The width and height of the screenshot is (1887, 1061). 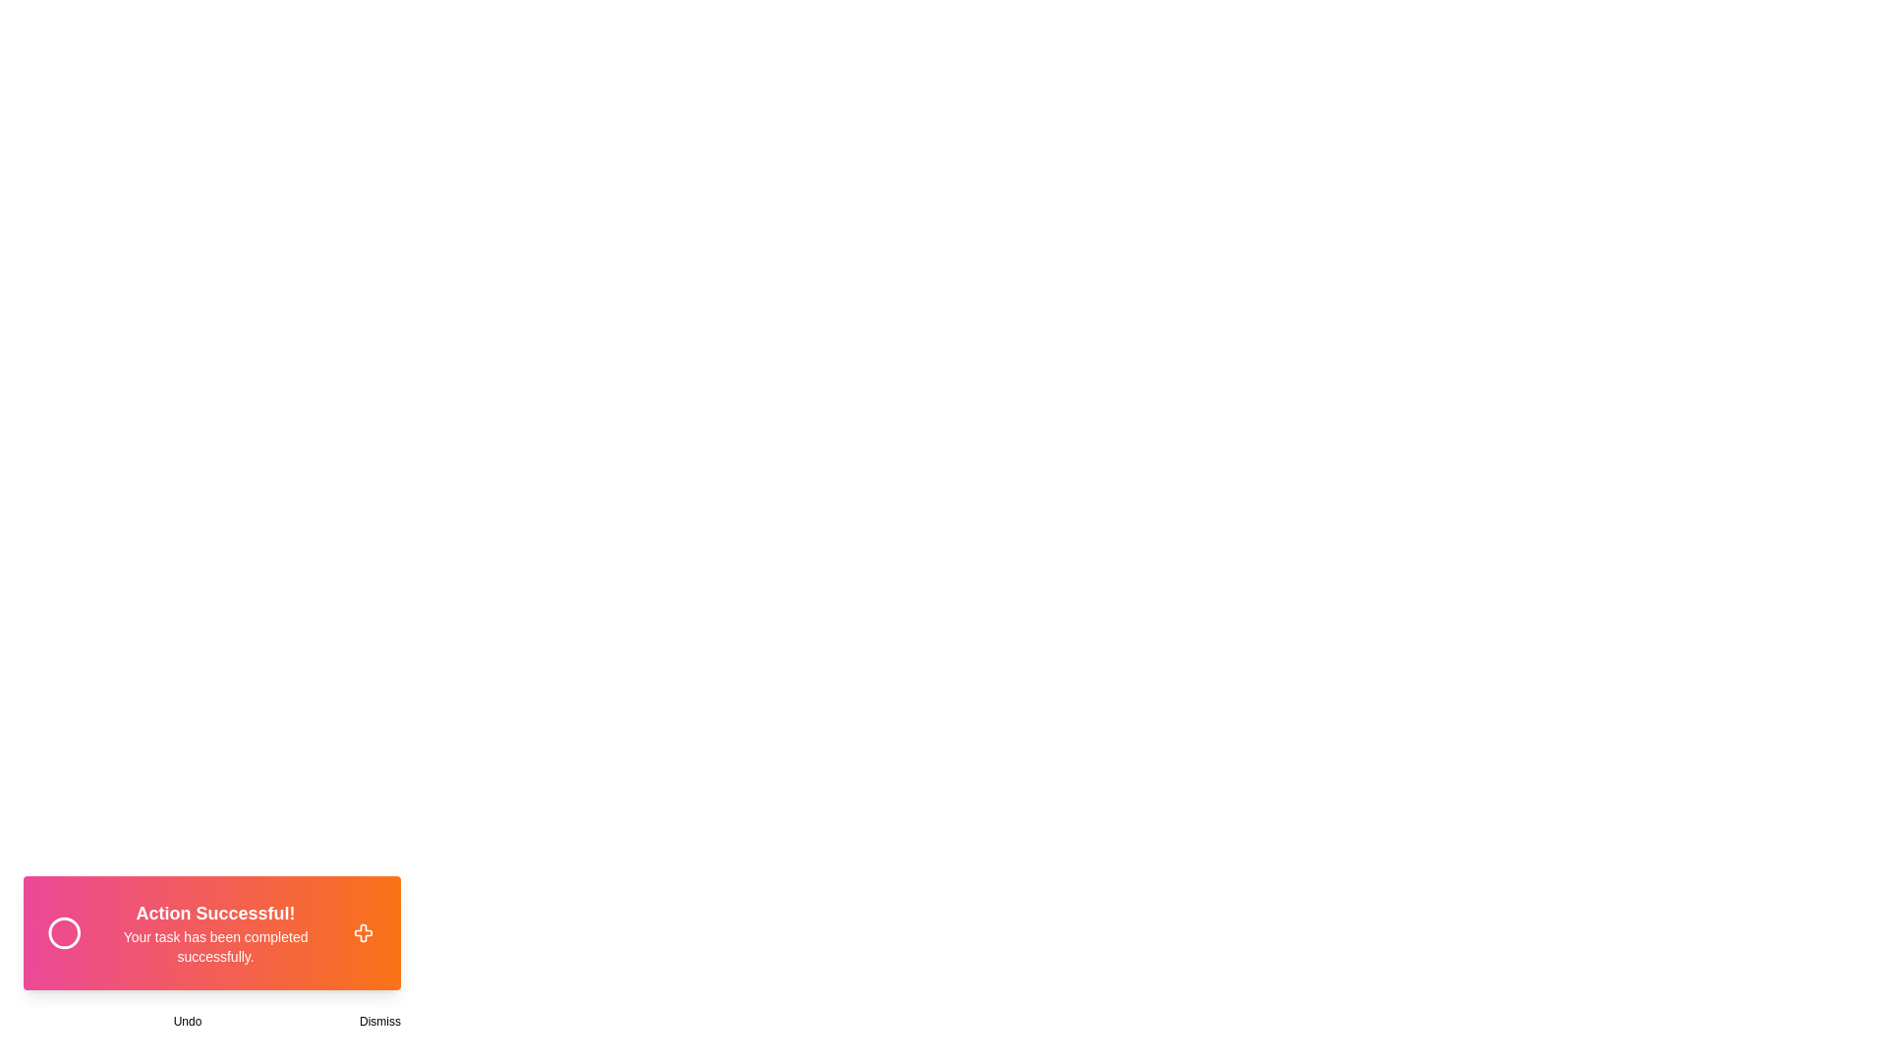 What do you see at coordinates (188, 1021) in the screenshot?
I see `Undo button to revert the action` at bounding box center [188, 1021].